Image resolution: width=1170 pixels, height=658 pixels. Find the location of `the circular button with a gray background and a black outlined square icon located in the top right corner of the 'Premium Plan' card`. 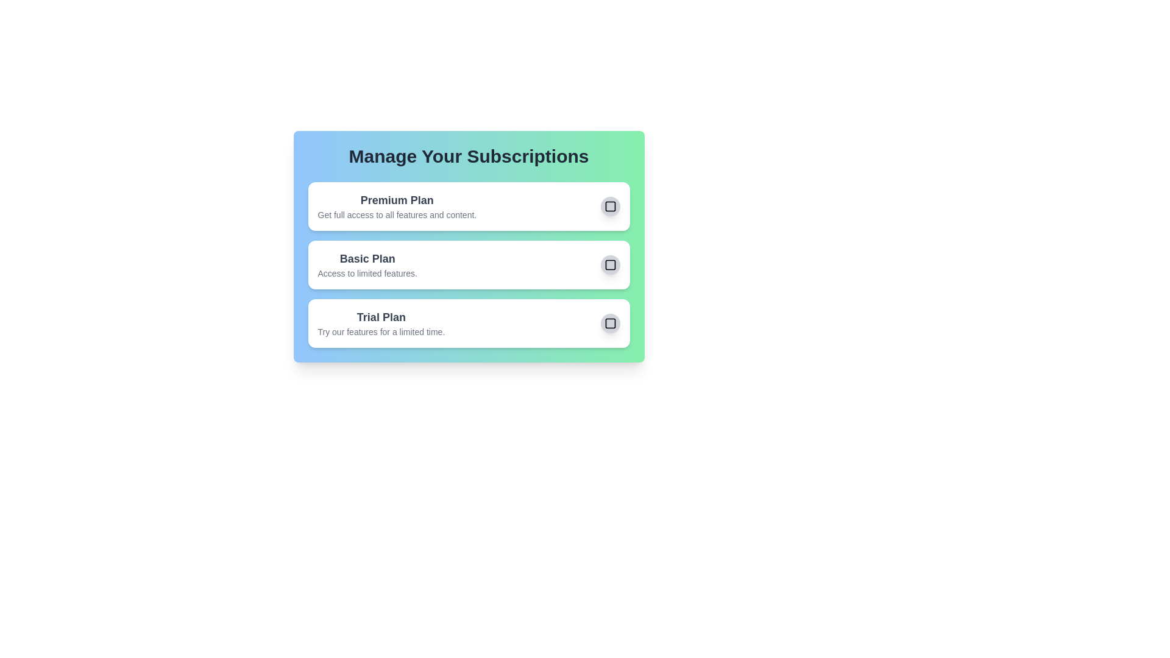

the circular button with a gray background and a black outlined square icon located in the top right corner of the 'Premium Plan' card is located at coordinates (610, 206).